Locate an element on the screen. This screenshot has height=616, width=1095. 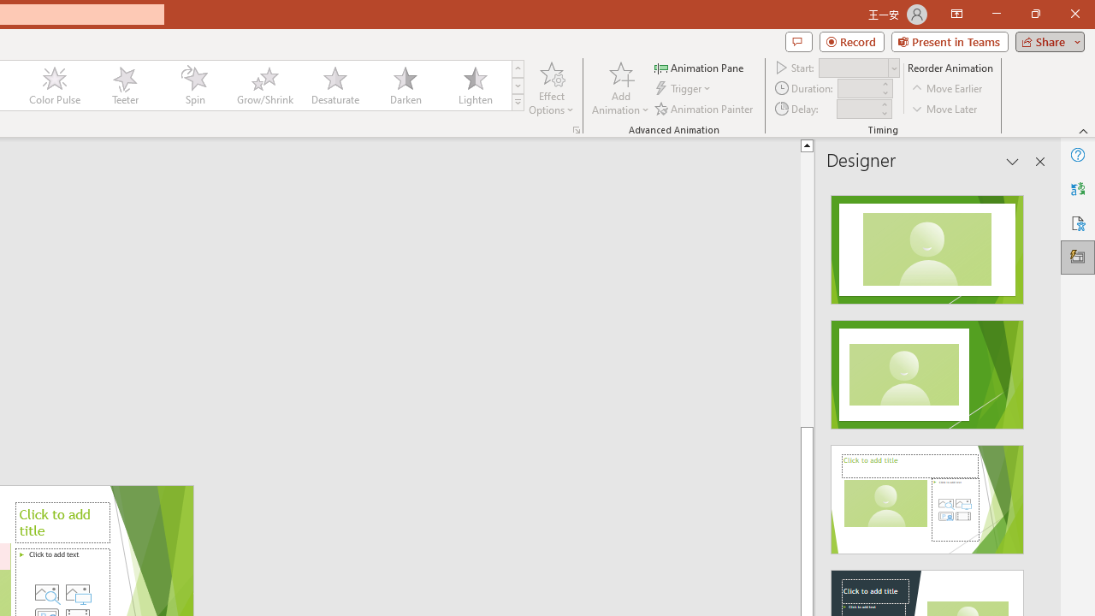
'Animation Duration' is located at coordinates (858, 88).